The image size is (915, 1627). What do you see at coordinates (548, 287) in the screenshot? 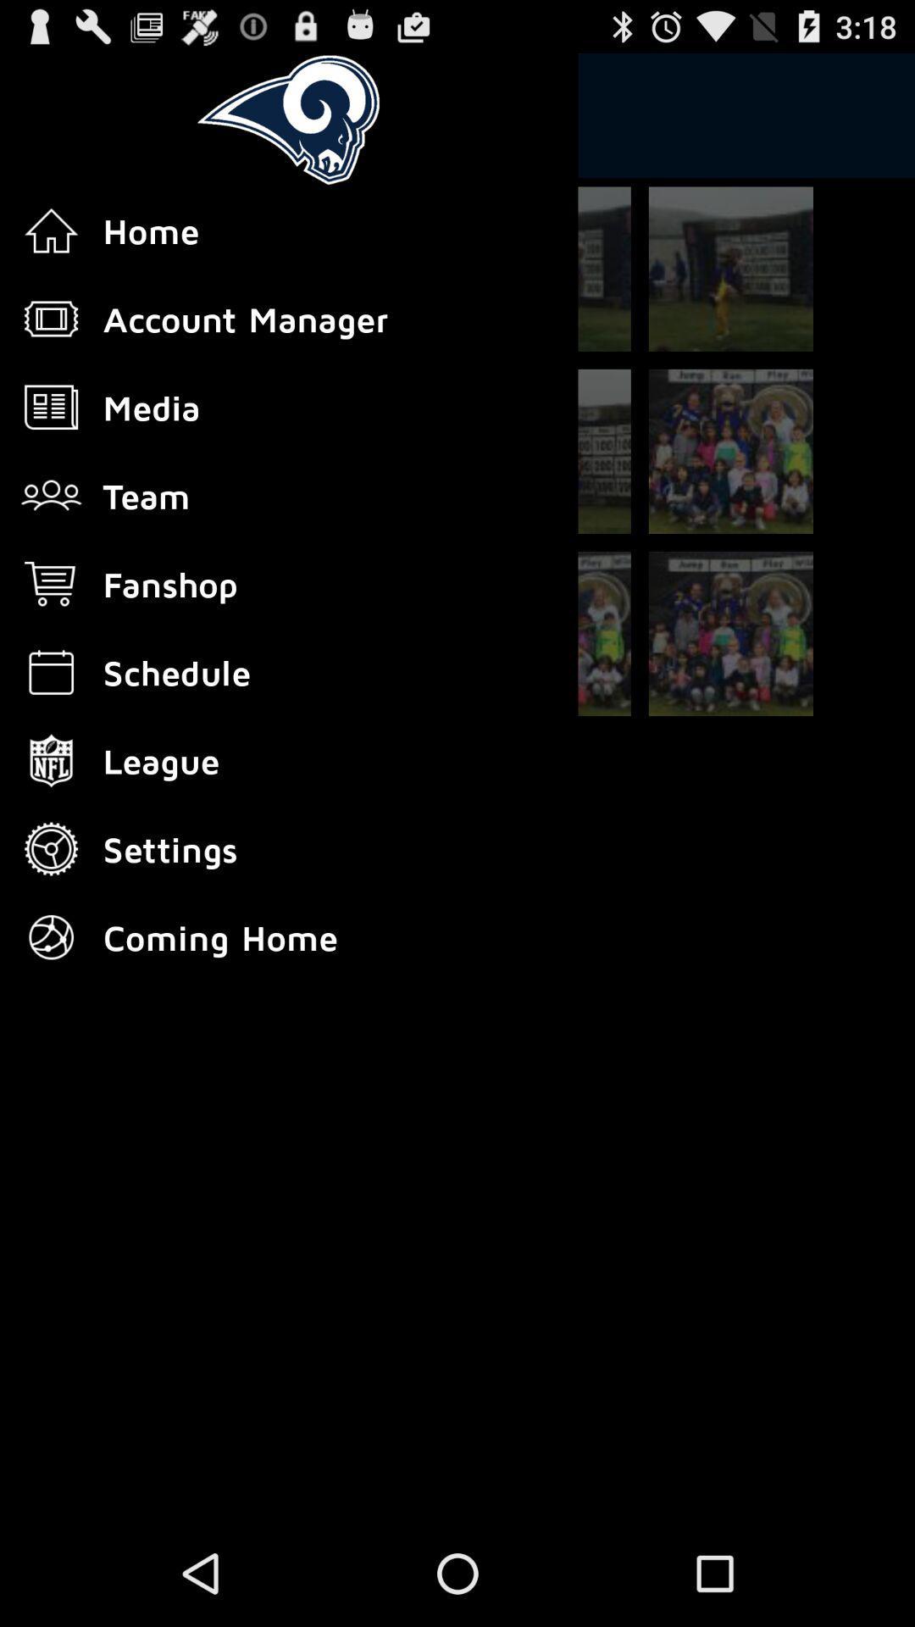
I see `the add icon` at bounding box center [548, 287].